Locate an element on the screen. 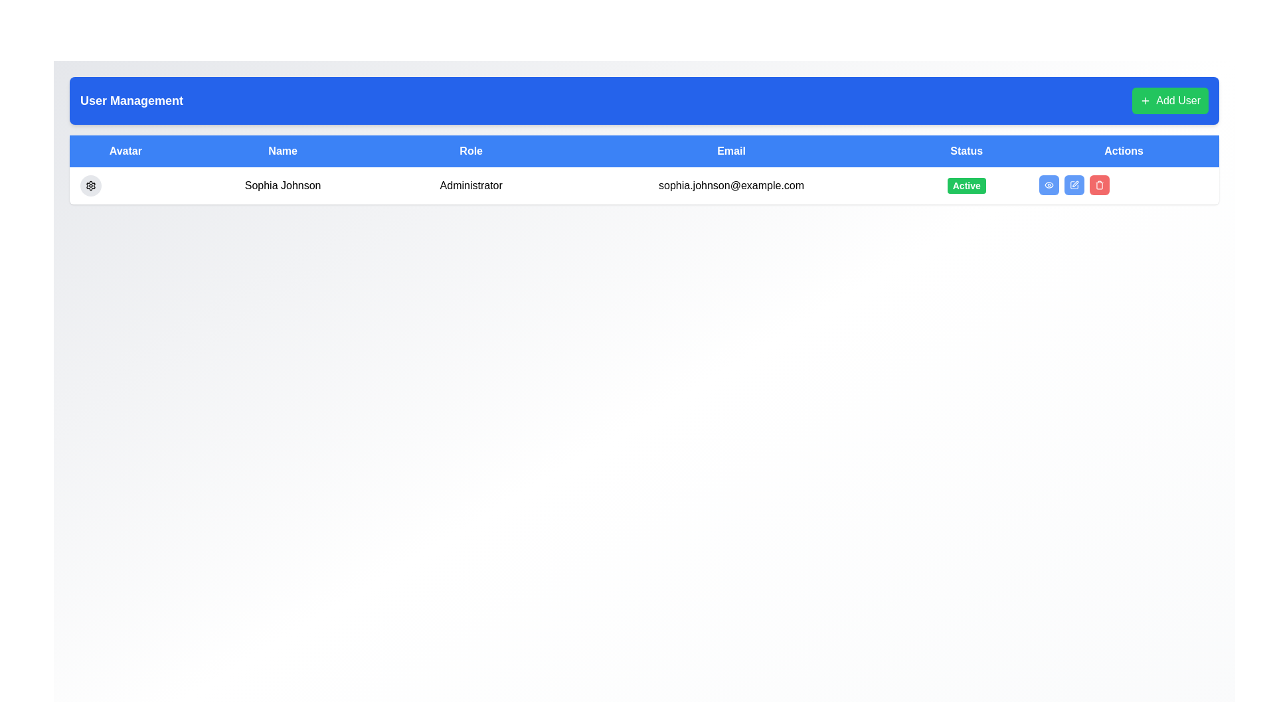  the cogwheel icon representing settings functionality, which is located in the first row of the user list in the 'Actions' column is located at coordinates (90, 186).